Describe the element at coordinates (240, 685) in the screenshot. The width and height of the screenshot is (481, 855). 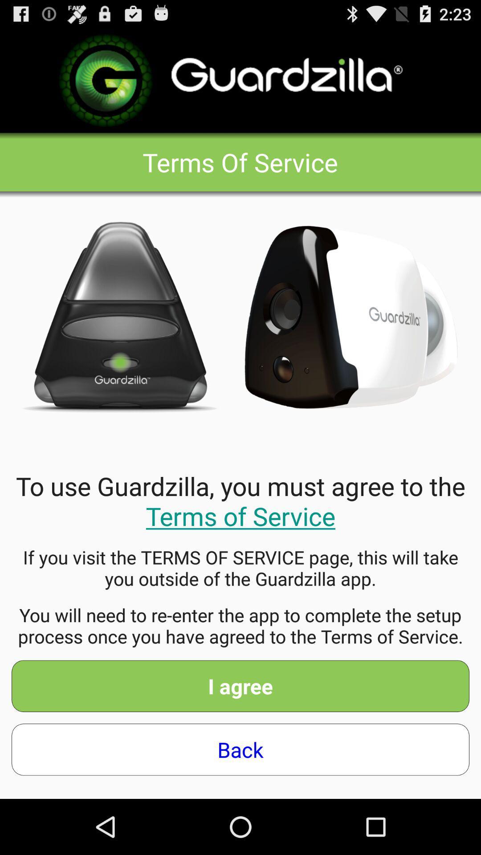
I see `the item above back icon` at that location.